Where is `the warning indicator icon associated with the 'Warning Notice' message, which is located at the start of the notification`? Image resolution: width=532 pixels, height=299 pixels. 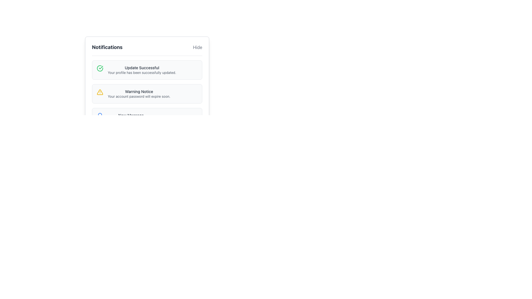
the warning indicator icon associated with the 'Warning Notice' message, which is located at the start of the notification is located at coordinates (100, 92).